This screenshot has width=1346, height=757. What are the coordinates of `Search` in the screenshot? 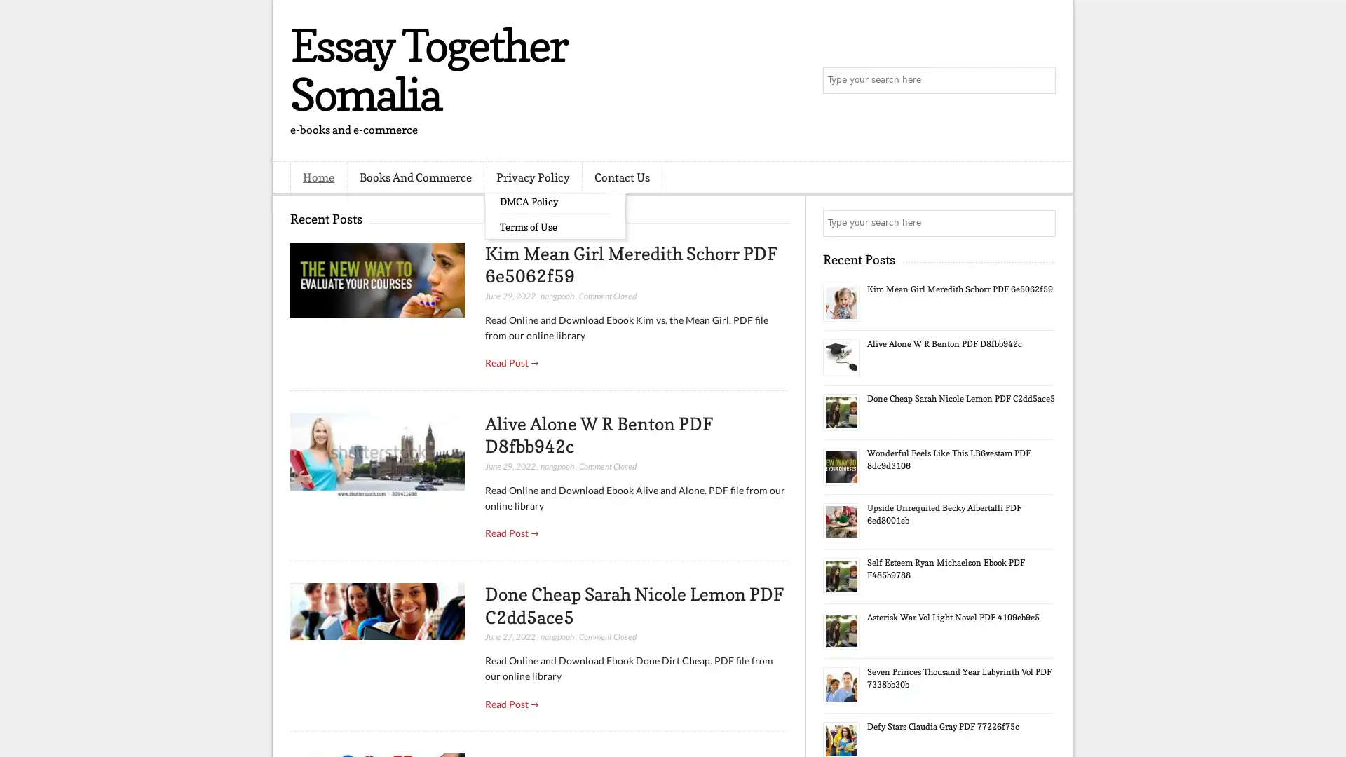 It's located at (1041, 223).